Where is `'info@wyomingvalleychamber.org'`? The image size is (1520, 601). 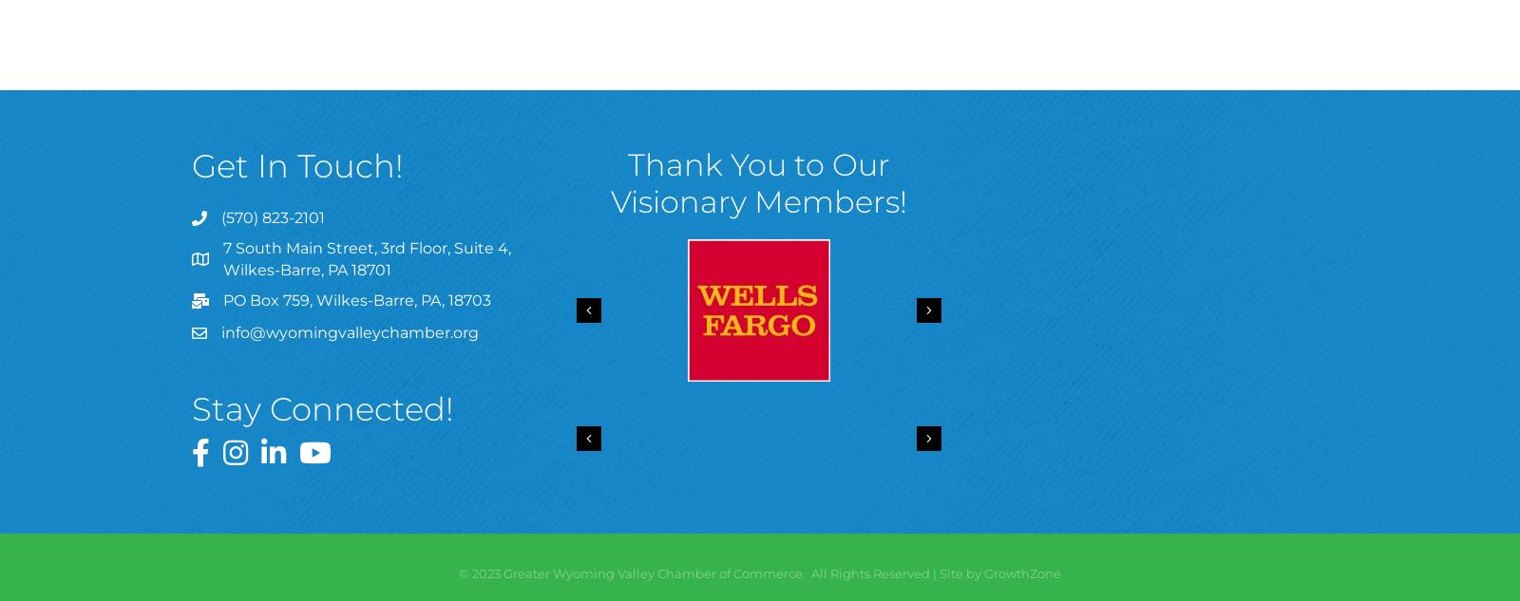 'info@wyomingvalleychamber.org' is located at coordinates (350, 332).